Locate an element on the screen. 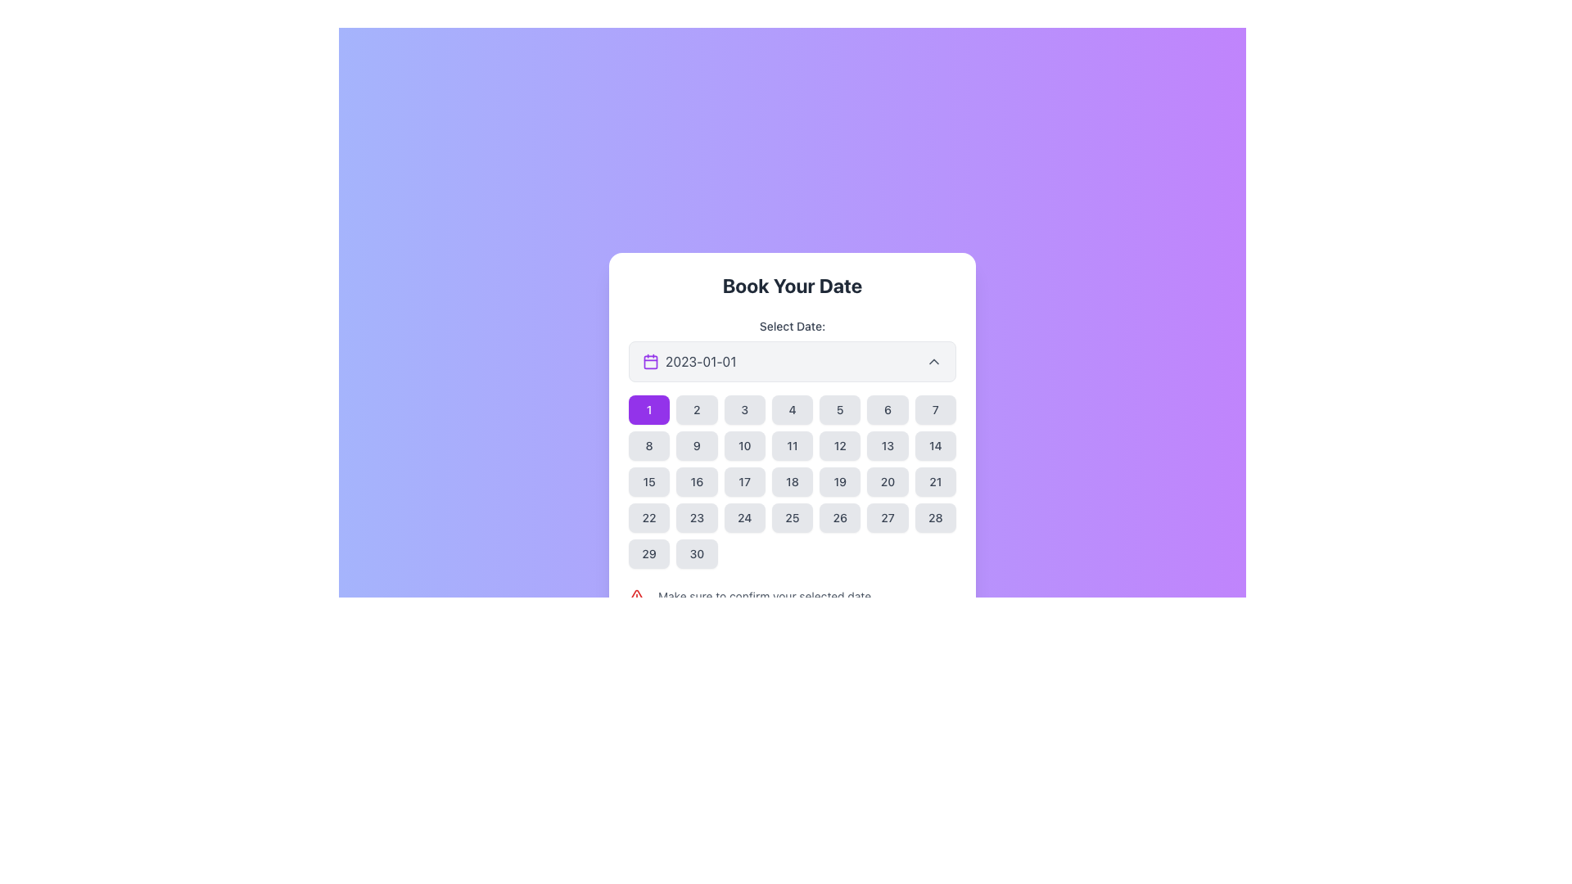  the date selection button for the 23rd in the calendar interface, located in the last row of the grid, second button from the left is located at coordinates (697, 517).